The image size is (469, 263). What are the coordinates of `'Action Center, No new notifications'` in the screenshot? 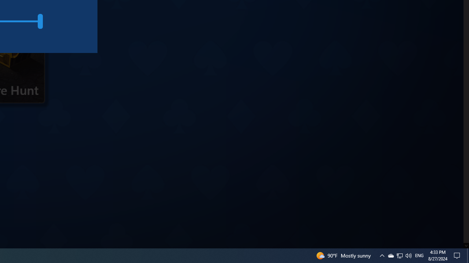 It's located at (458, 255).